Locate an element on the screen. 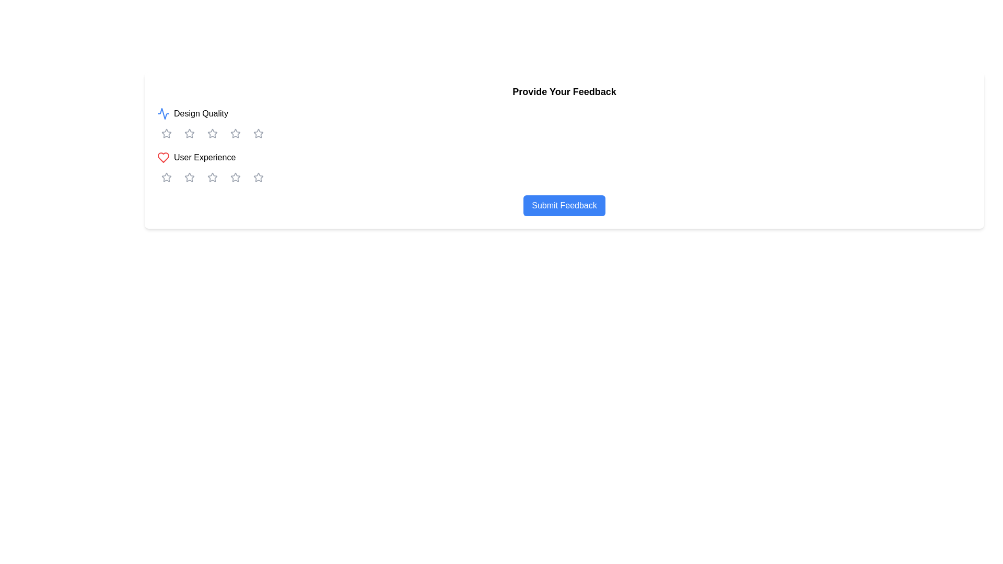 The height and width of the screenshot is (564, 1003). the fourth star-shaped rating button, which is gray and part of a set of five stars used for rating 'User Experience' is located at coordinates (235, 177).